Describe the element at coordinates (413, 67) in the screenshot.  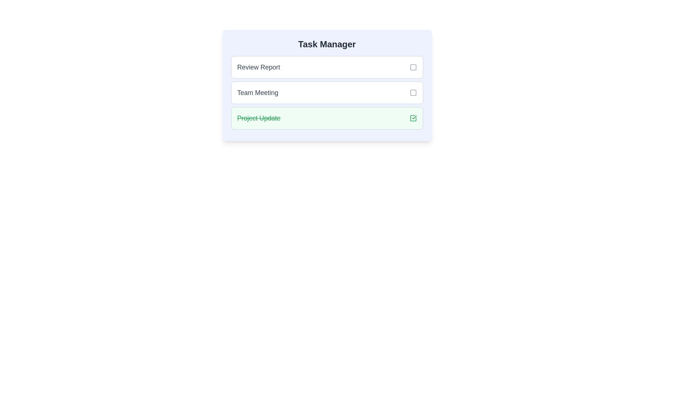
I see `the checkbox located at the far right of the 'Review Report' row` at that location.